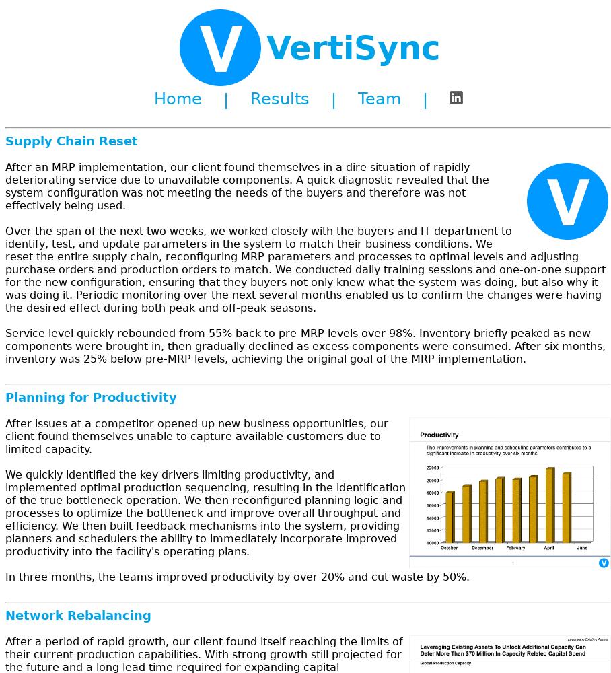 This screenshot has height=673, width=611. Describe the element at coordinates (4, 615) in the screenshot. I see `'Network Rebalancing'` at that location.